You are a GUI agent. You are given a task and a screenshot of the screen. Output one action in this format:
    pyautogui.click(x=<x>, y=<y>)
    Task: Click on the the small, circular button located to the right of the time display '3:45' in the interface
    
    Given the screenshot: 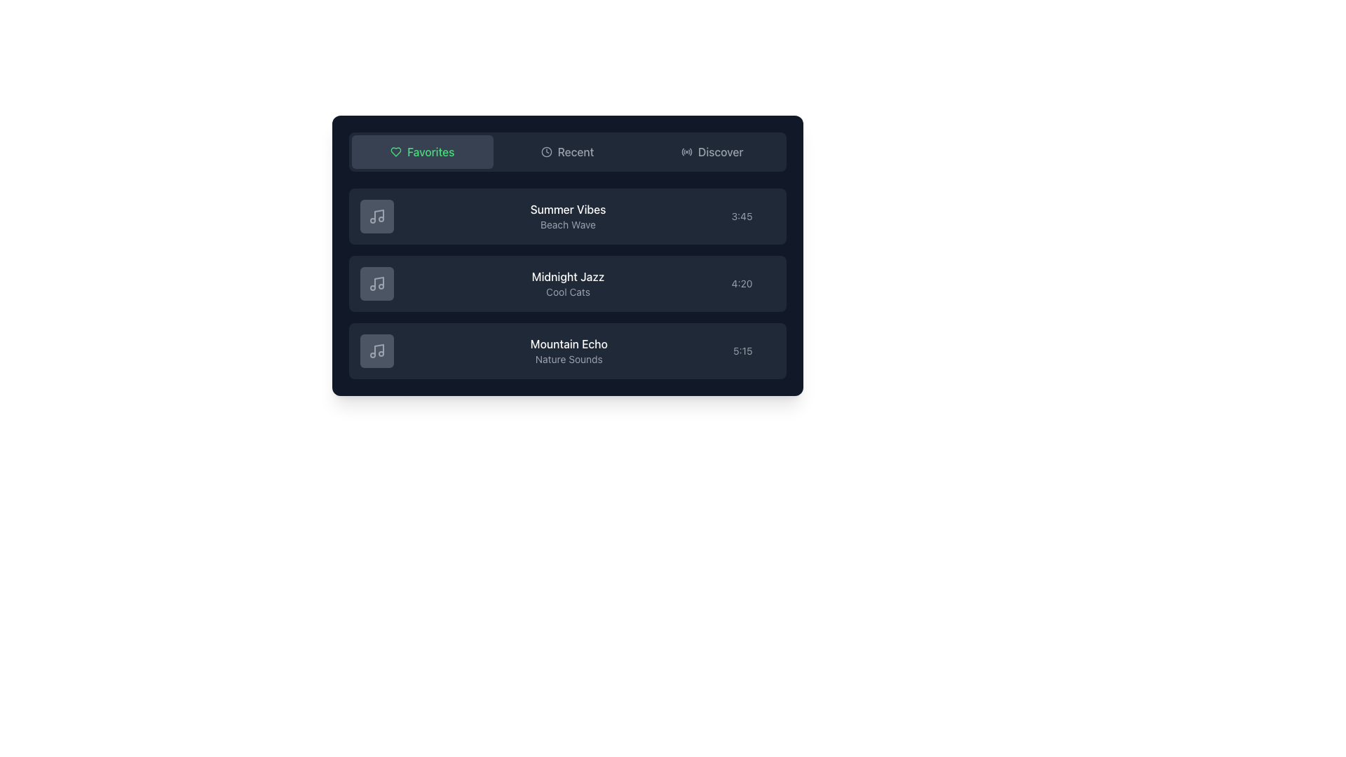 What is the action you would take?
    pyautogui.click(x=768, y=216)
    